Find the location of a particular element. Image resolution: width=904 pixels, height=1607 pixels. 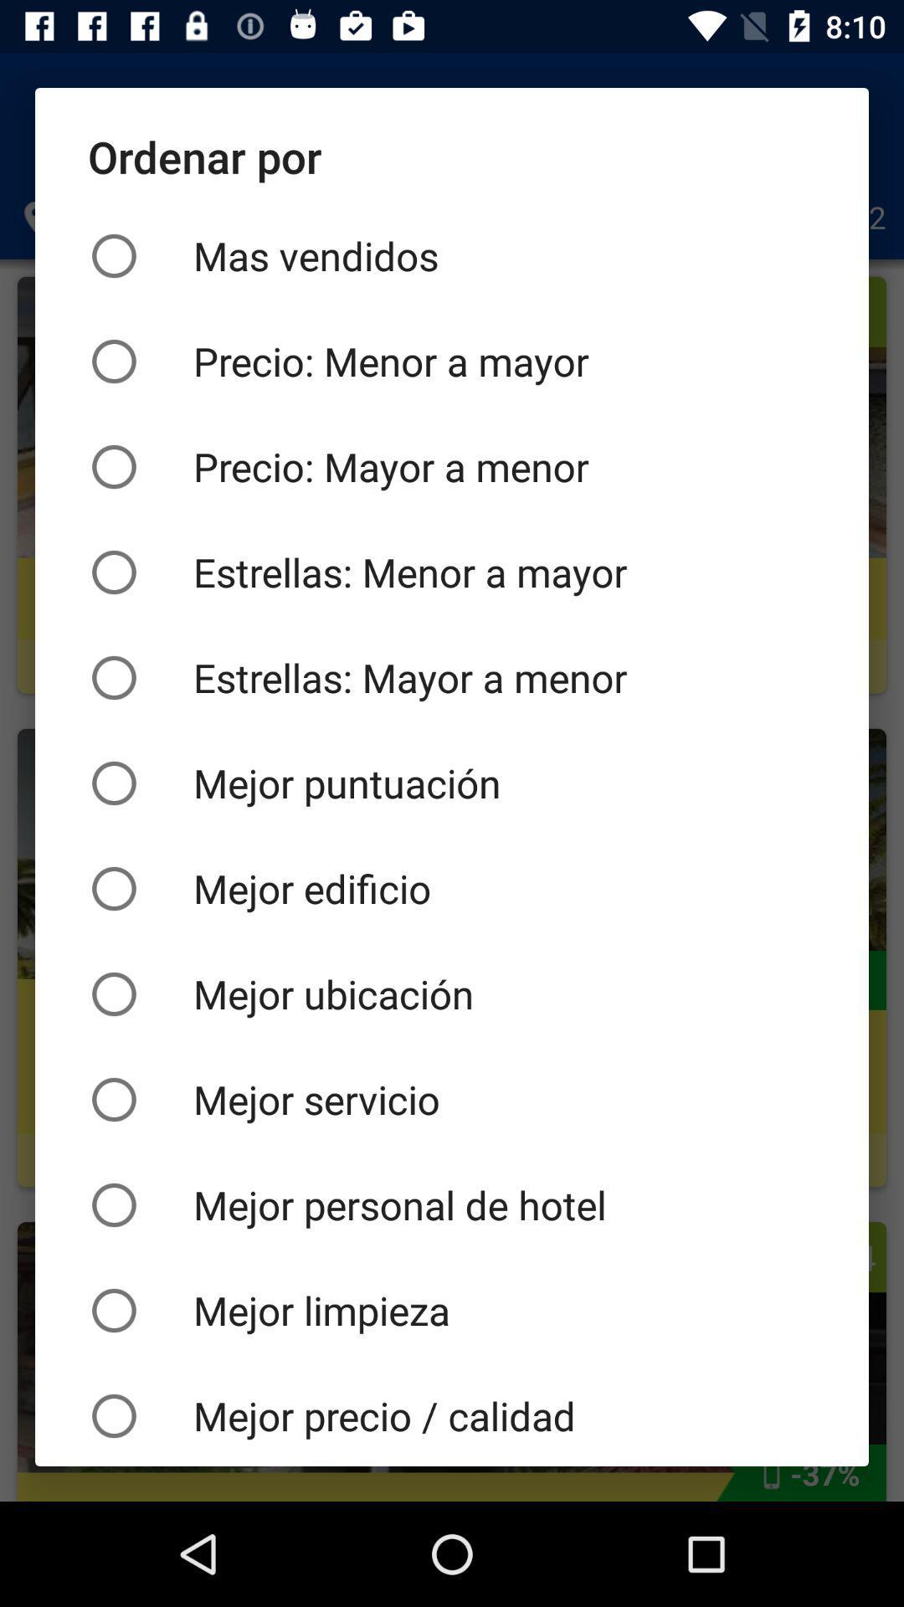

the icon above mejor personal de is located at coordinates (452, 1100).